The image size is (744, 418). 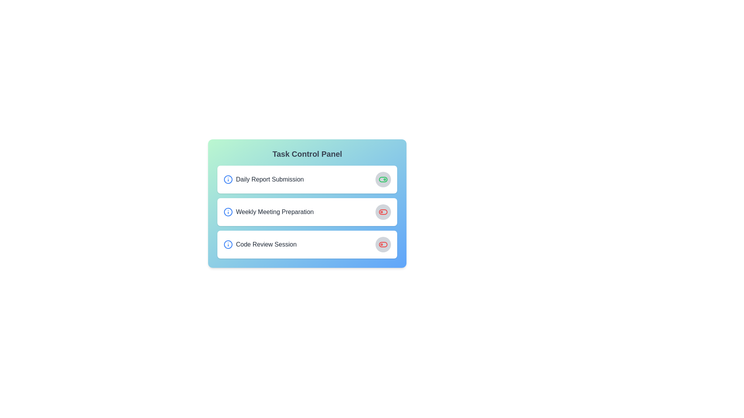 What do you see at coordinates (307, 212) in the screenshot?
I see `the task entry labeled 'Weekly Meeting Preparation' which is positioned in the Task Control Panel, between 'Daily Report Submission' and 'Code Review Session'` at bounding box center [307, 212].